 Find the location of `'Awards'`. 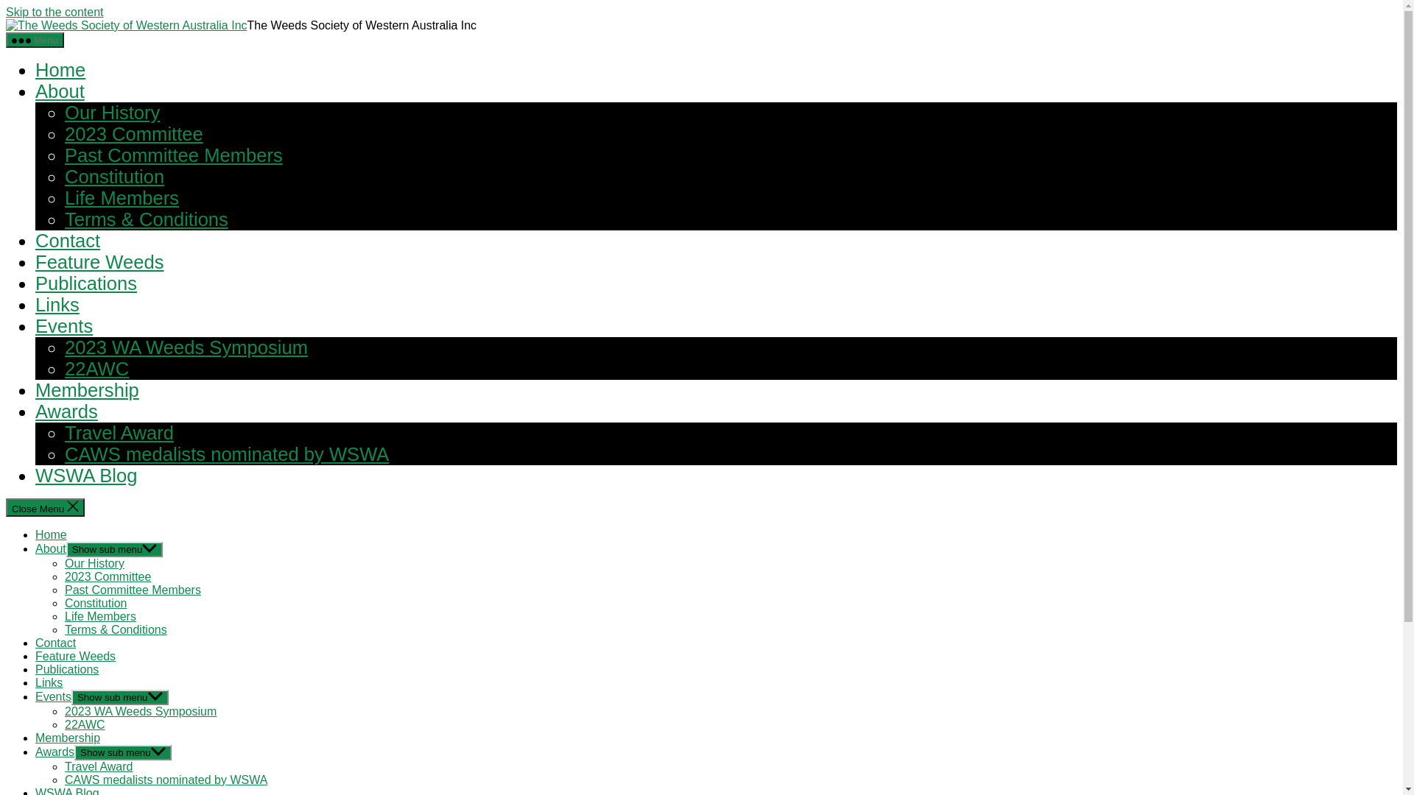

'Awards' is located at coordinates (54, 752).